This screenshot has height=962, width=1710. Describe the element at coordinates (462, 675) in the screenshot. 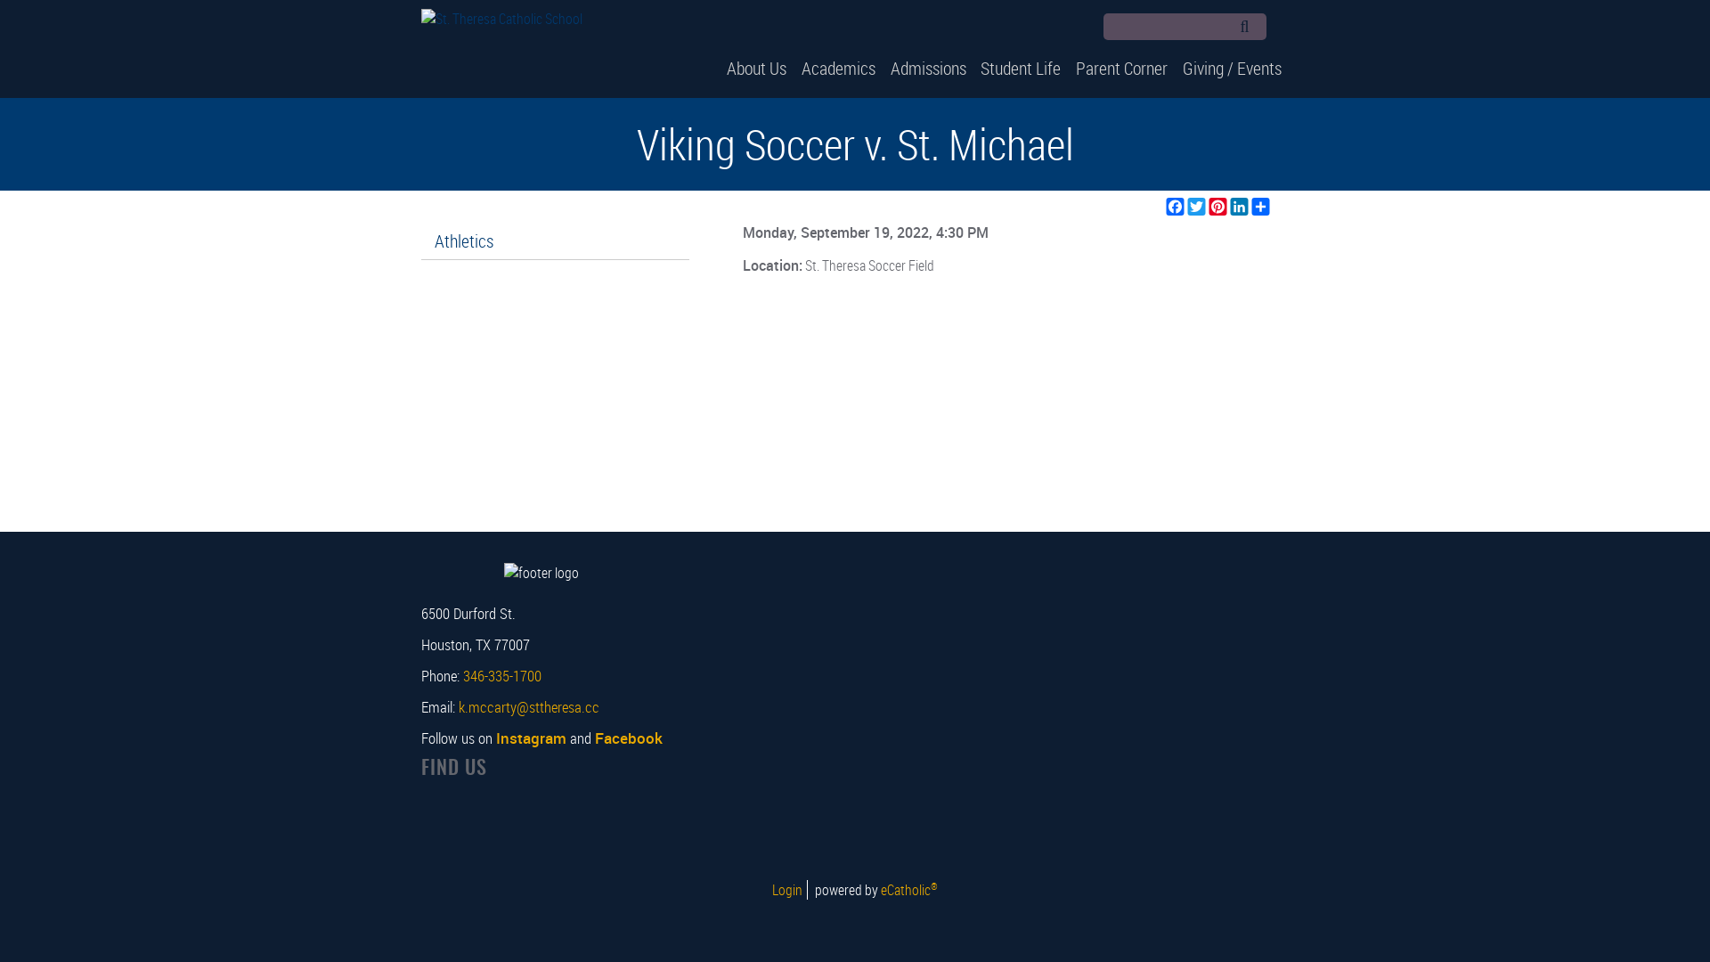

I see `'346-335-1700'` at that location.